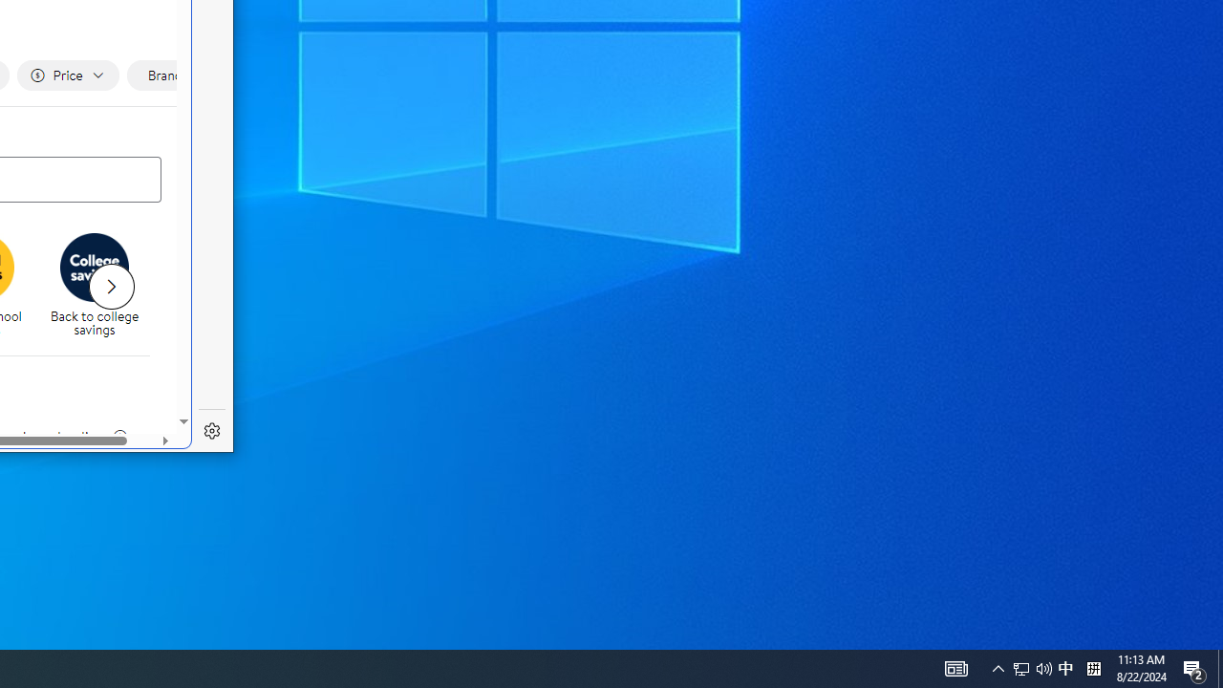 Image resolution: width=1223 pixels, height=688 pixels. What do you see at coordinates (998, 667) in the screenshot?
I see `'Notification Chevron'` at bounding box center [998, 667].